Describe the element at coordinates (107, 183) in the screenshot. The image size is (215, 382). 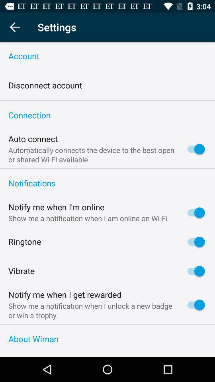
I see `item above notify me when item` at that location.